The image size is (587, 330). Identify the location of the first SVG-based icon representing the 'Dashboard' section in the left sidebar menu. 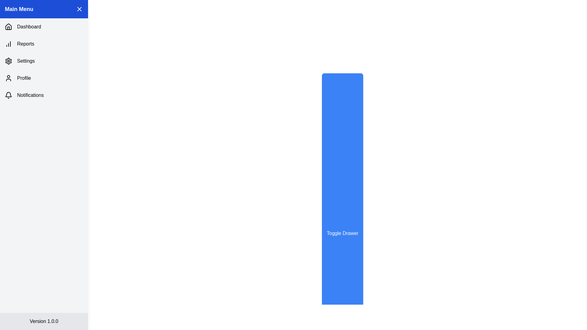
(9, 27).